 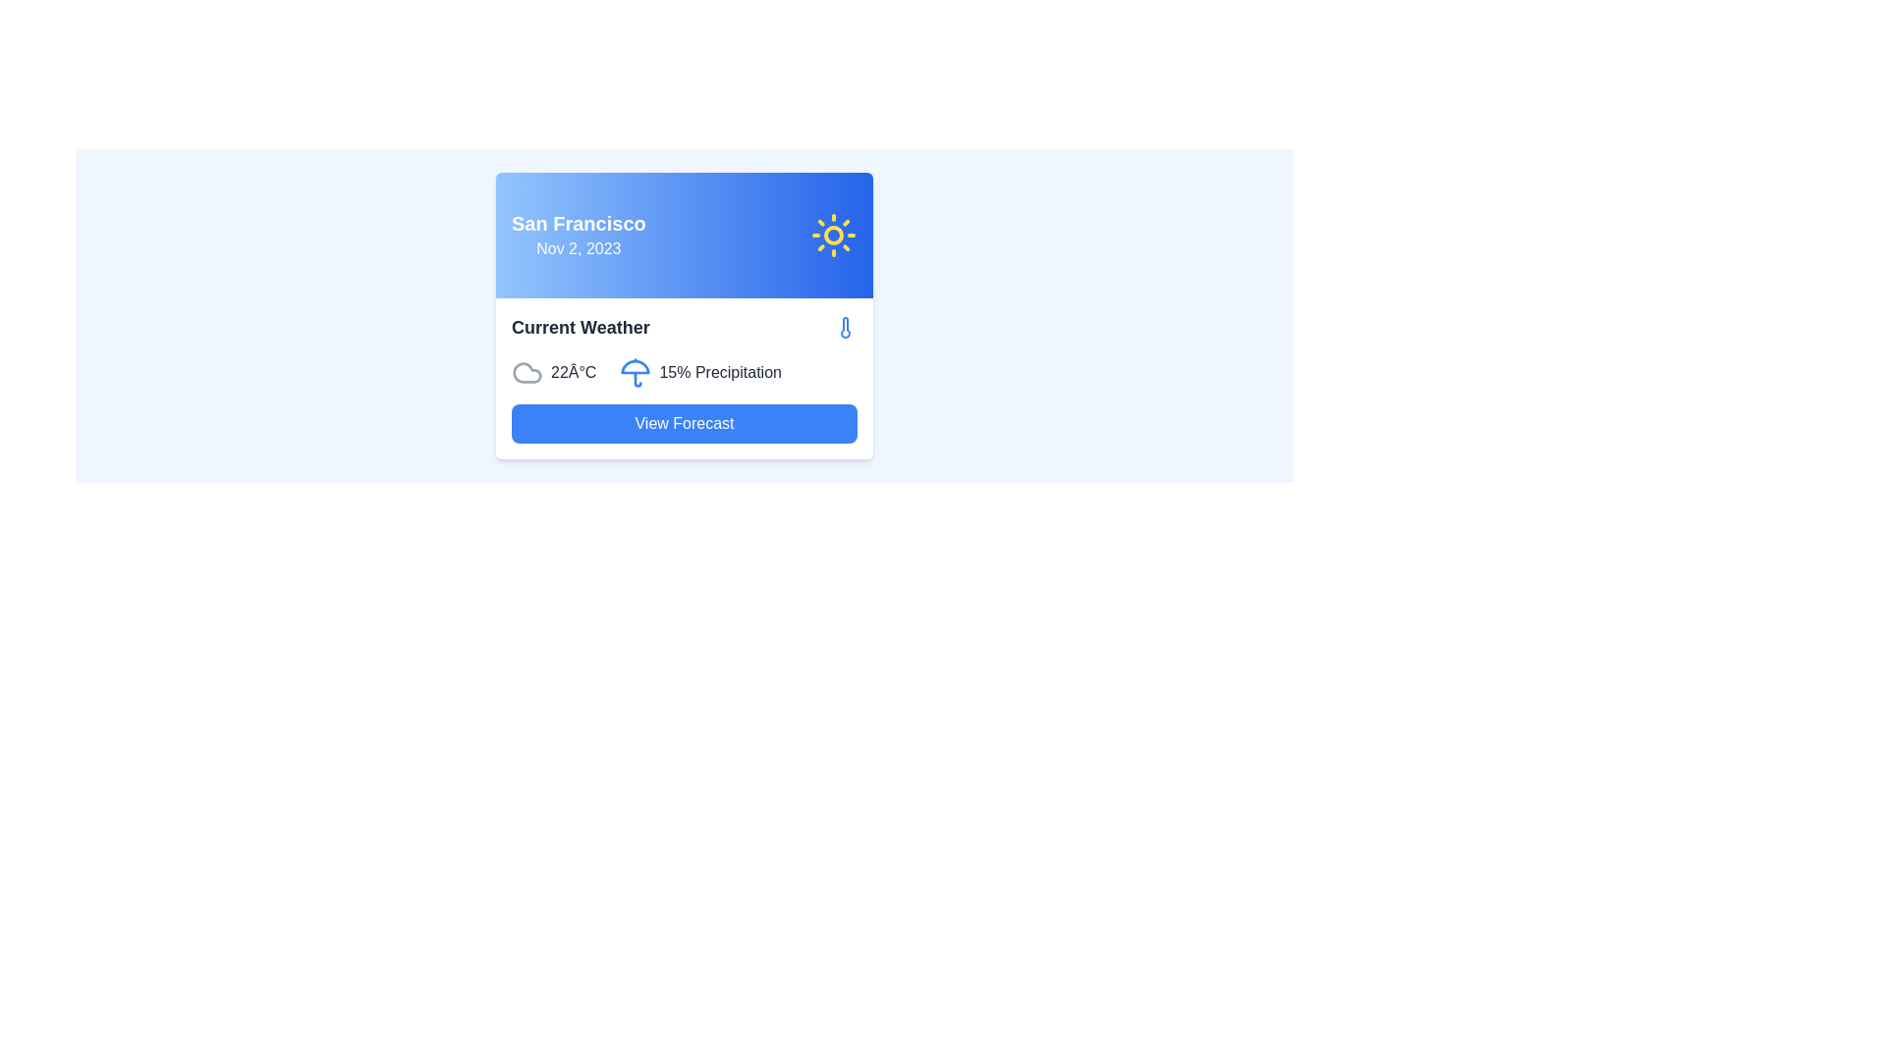 What do you see at coordinates (636, 367) in the screenshot?
I see `the umbrella icon representing weather-related themes, positioned centrally in the upper half of its bounding box` at bounding box center [636, 367].